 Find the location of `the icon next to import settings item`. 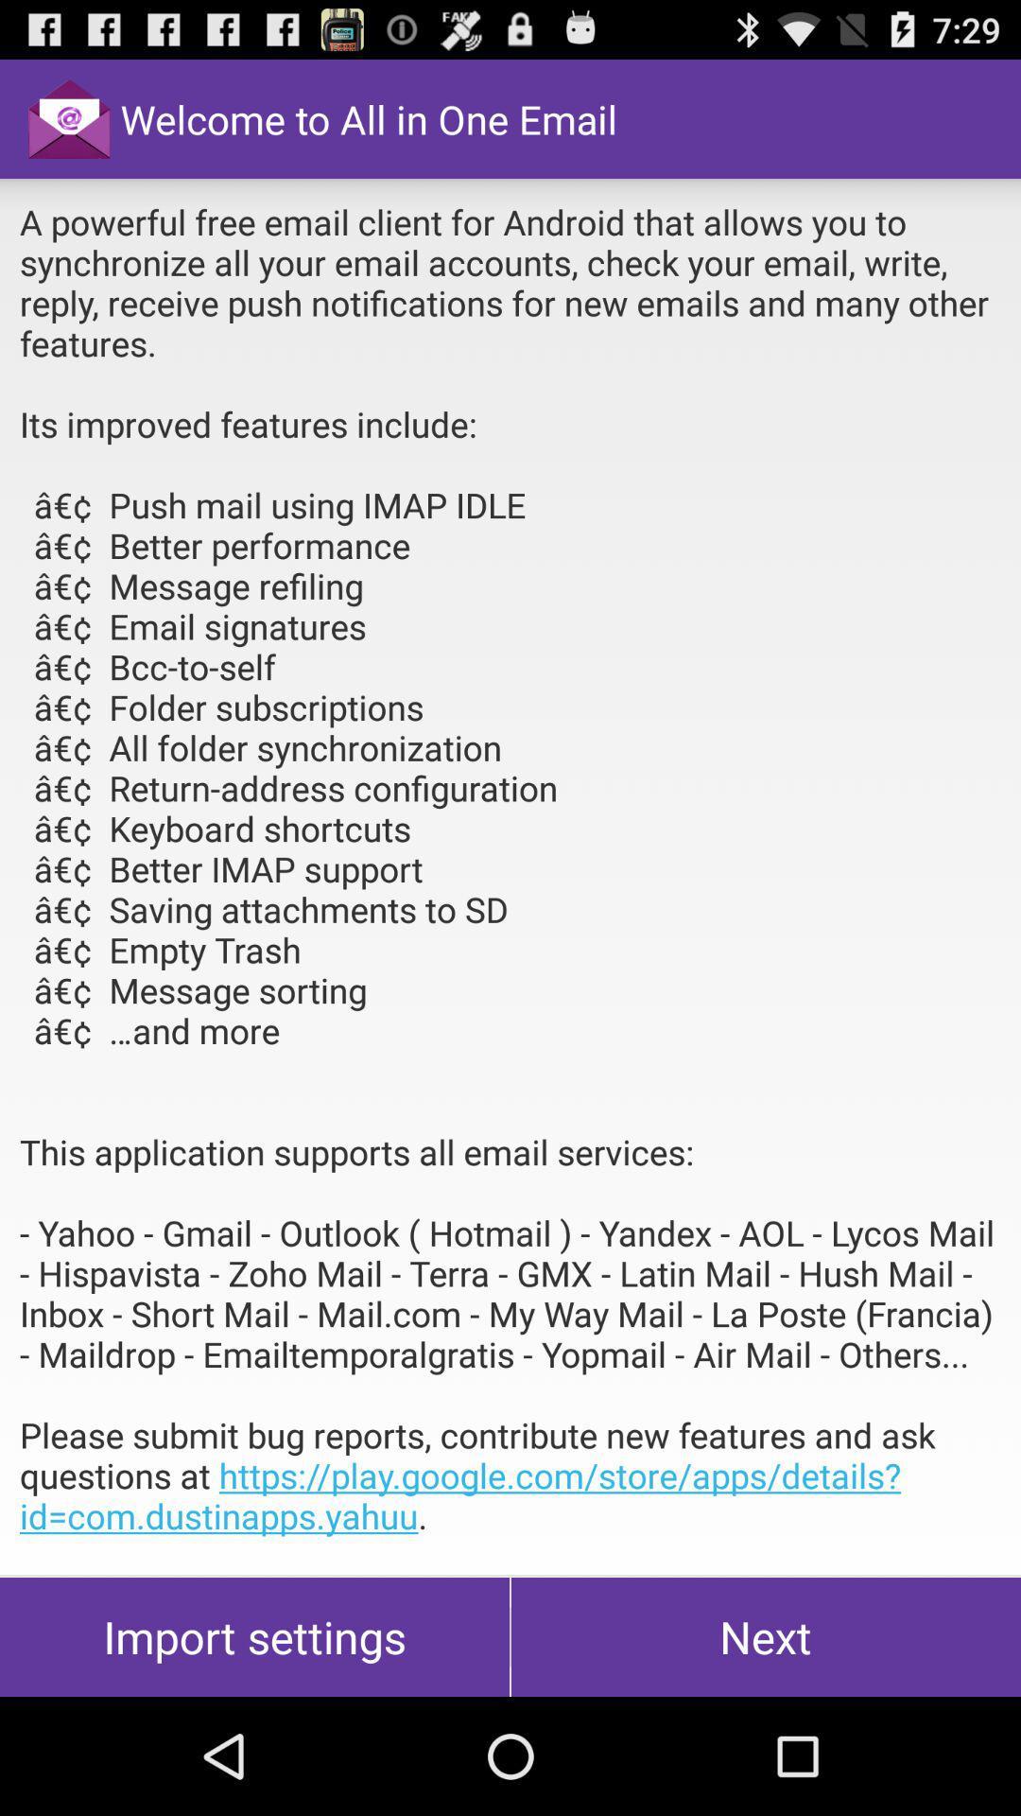

the icon next to import settings item is located at coordinates (766, 1636).